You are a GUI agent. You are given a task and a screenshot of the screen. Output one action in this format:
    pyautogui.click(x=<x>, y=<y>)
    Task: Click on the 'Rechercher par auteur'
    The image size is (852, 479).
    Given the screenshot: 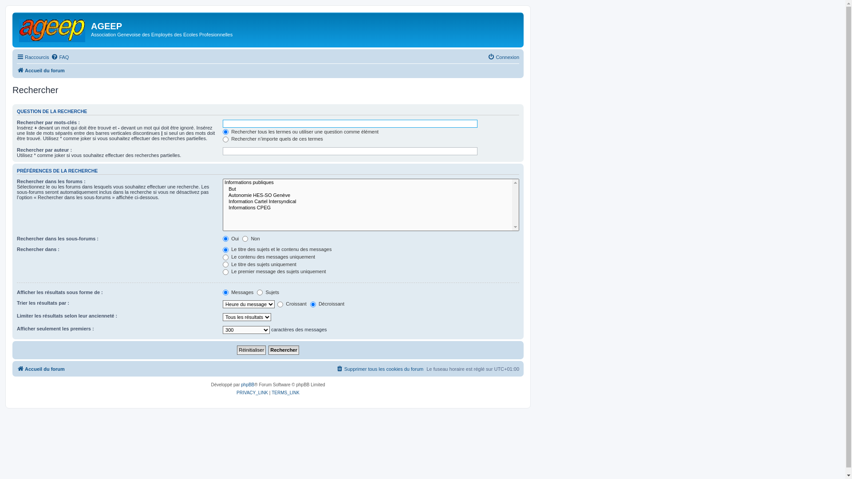 What is the action you would take?
    pyautogui.click(x=349, y=150)
    